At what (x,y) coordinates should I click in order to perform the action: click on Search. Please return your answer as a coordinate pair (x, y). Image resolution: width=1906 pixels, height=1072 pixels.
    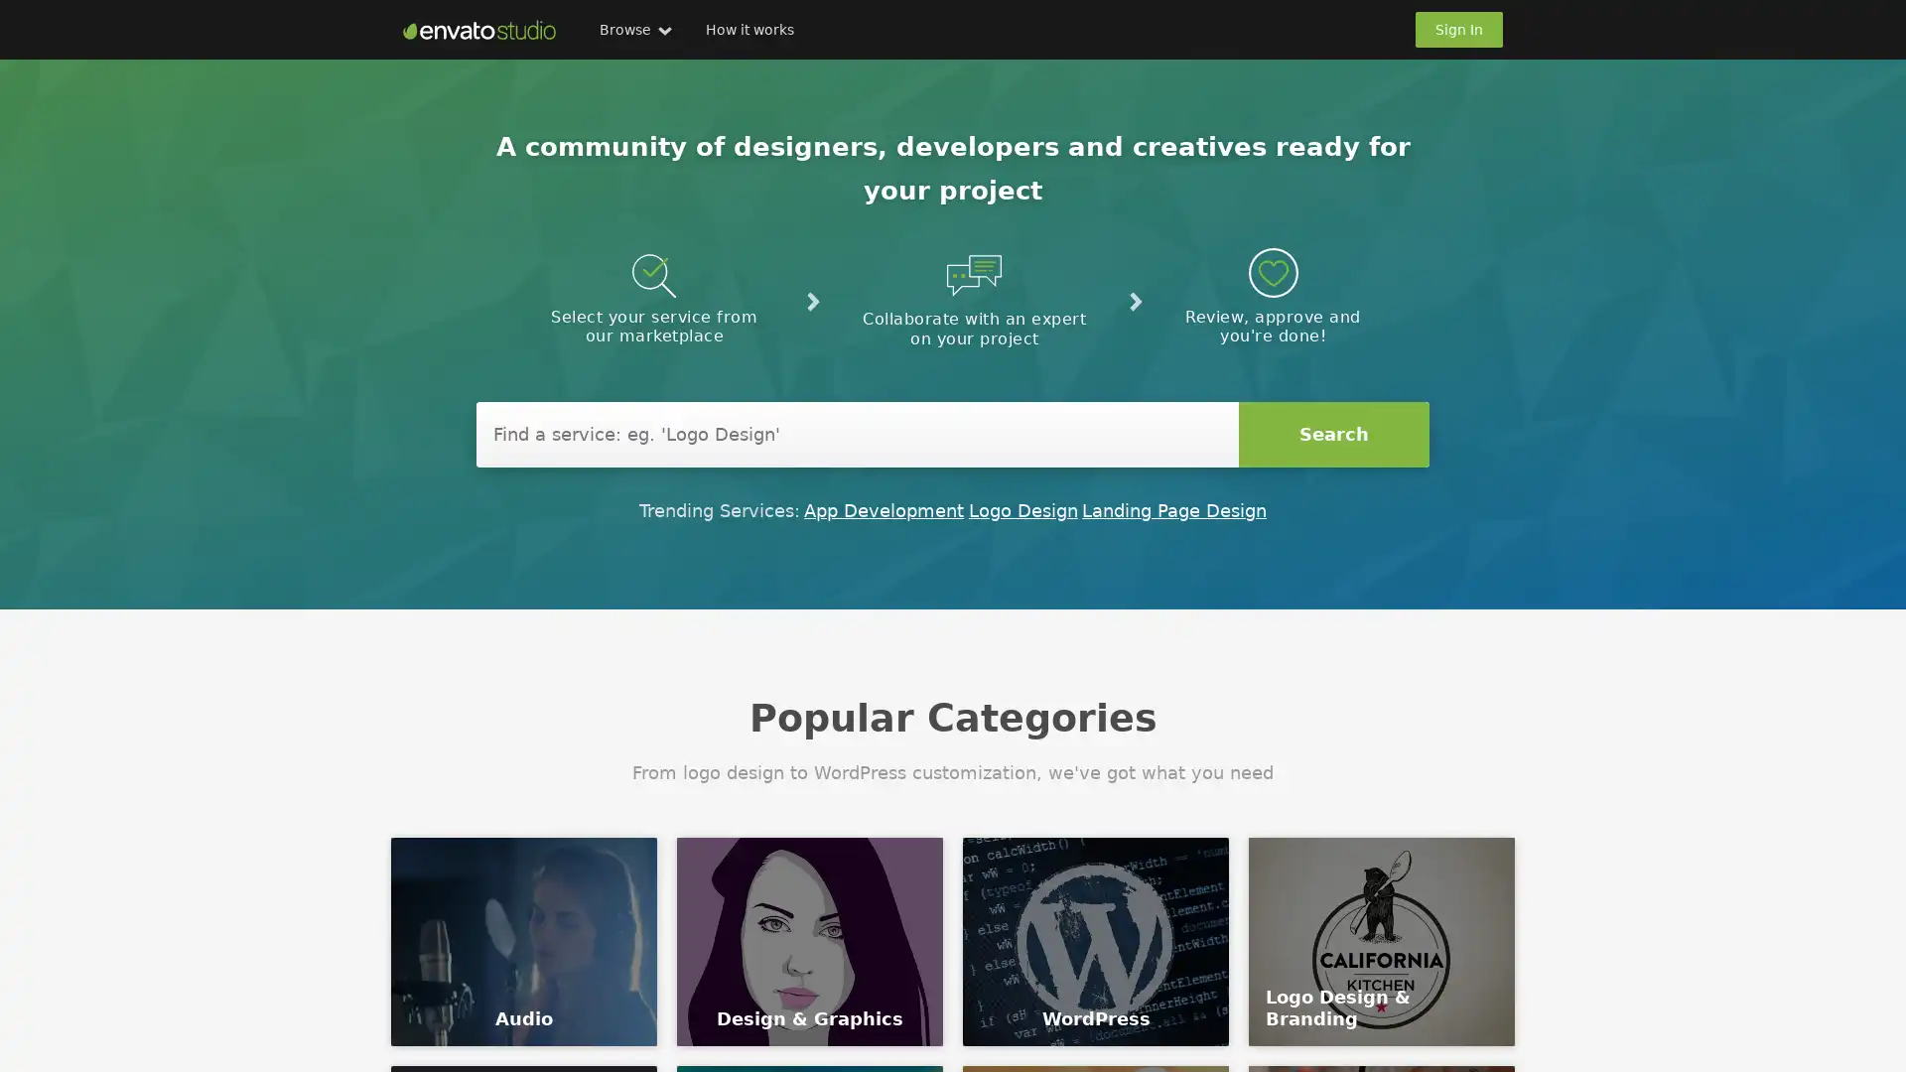
    Looking at the image, I should click on (1334, 434).